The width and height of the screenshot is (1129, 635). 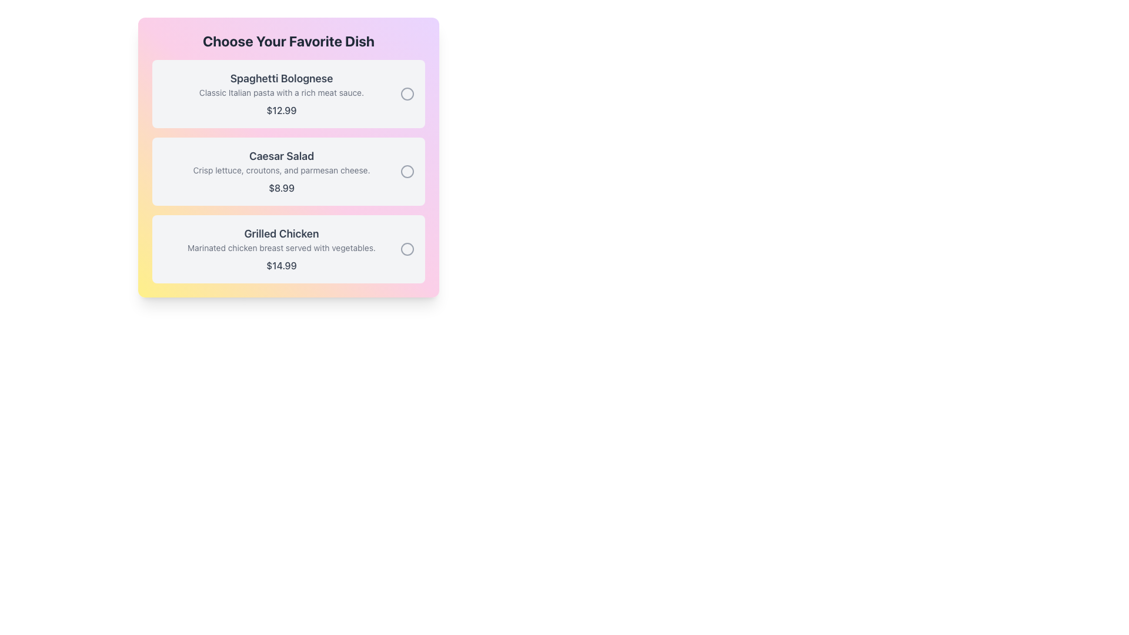 I want to click on the circular indicator (radio button) located on the right side of the 'Spaghetti Bolognese' option, so click(x=407, y=93).